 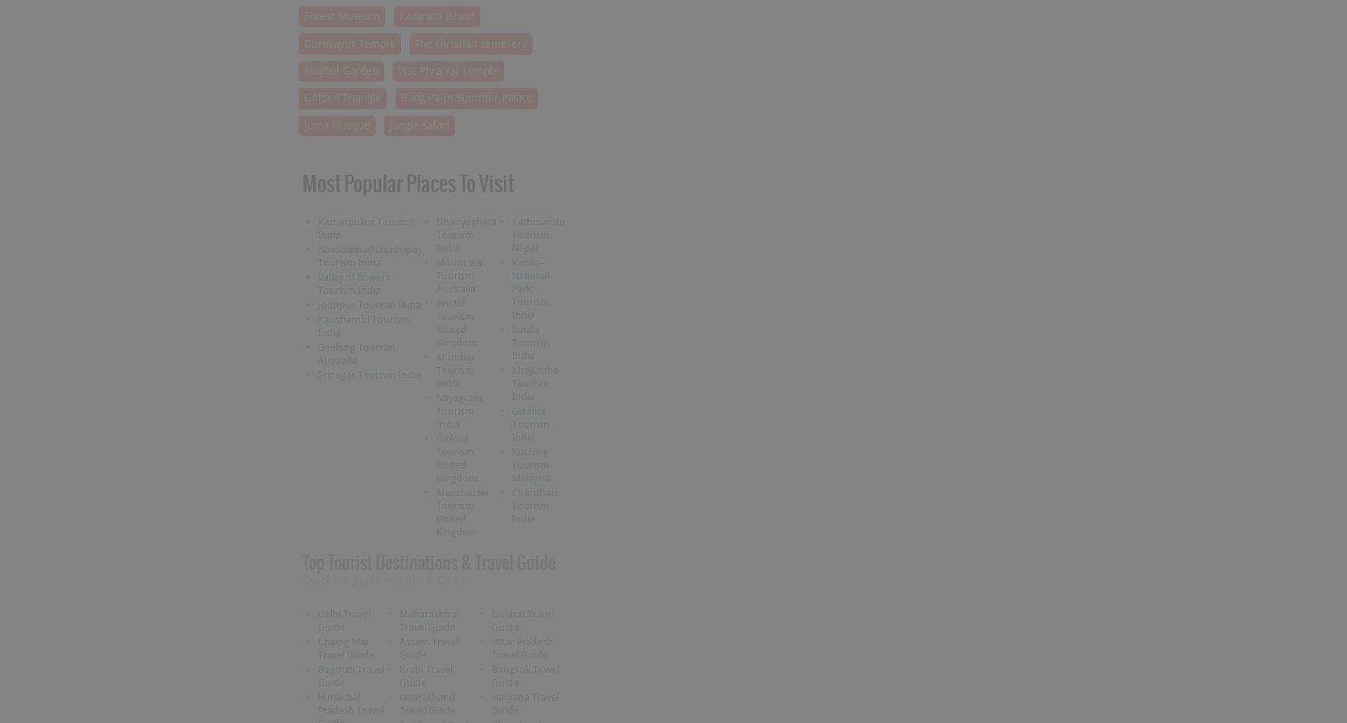 What do you see at coordinates (365, 227) in the screenshot?
I see `'Kamarpukur Tourism  India'` at bounding box center [365, 227].